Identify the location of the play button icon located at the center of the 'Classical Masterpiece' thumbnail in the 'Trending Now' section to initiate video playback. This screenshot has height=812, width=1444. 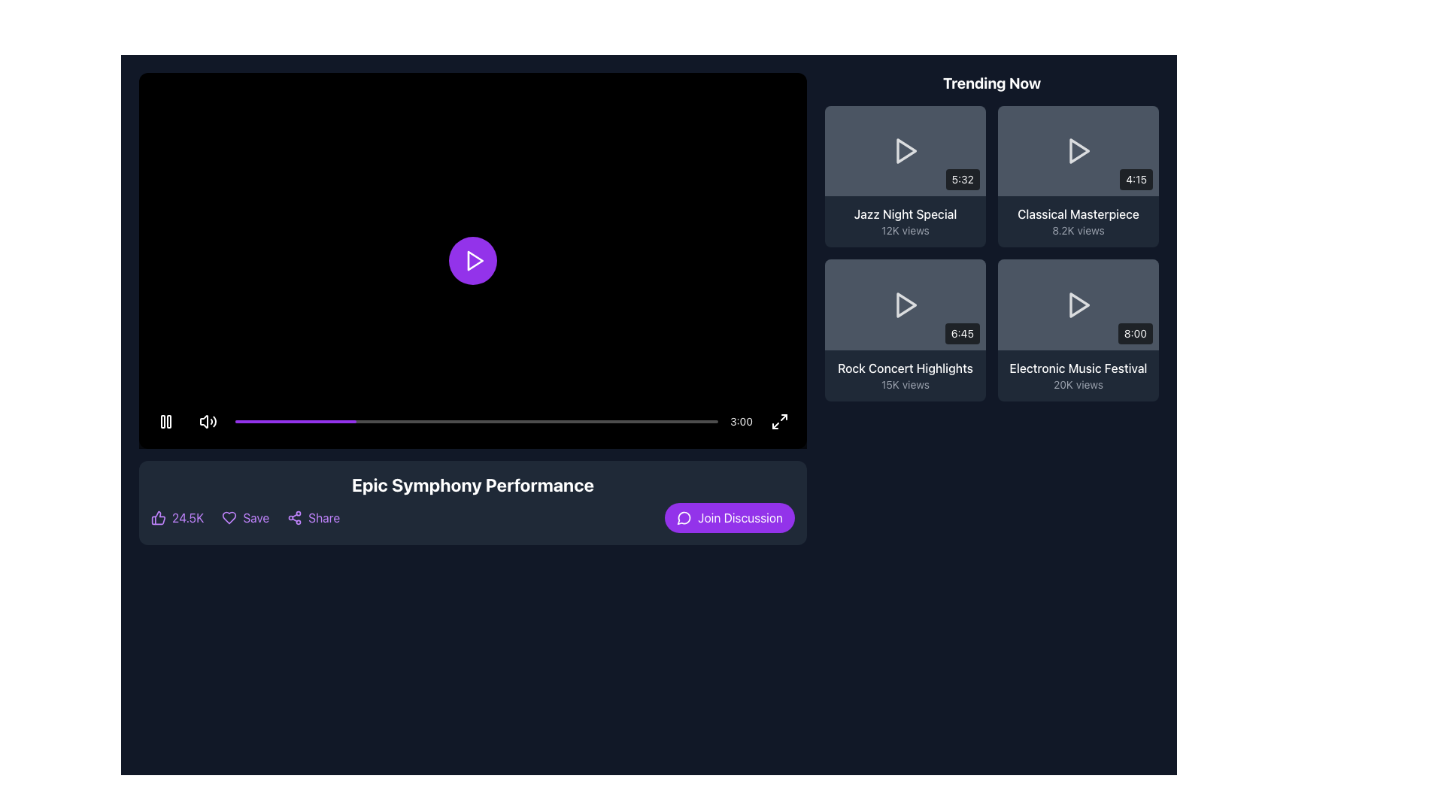
(1078, 150).